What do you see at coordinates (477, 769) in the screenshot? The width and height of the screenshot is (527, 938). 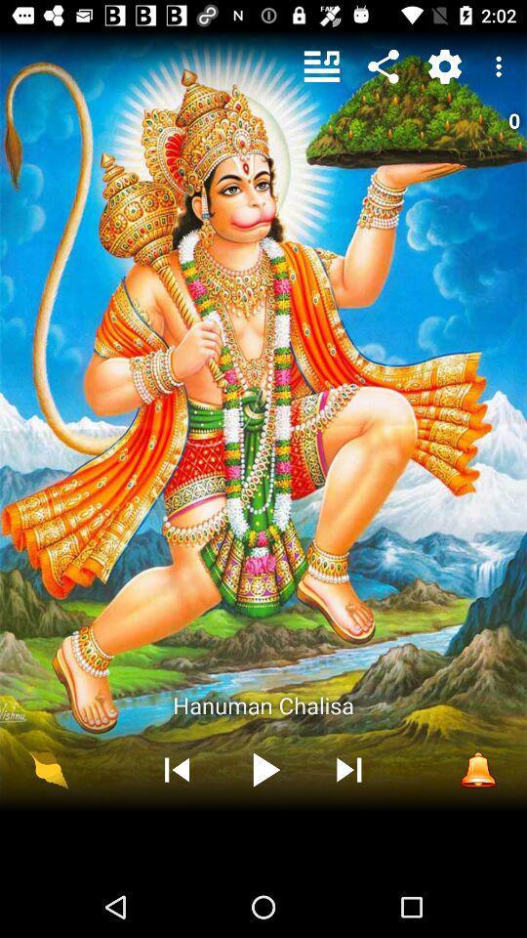 I see `the item at the bottom right corner` at bounding box center [477, 769].